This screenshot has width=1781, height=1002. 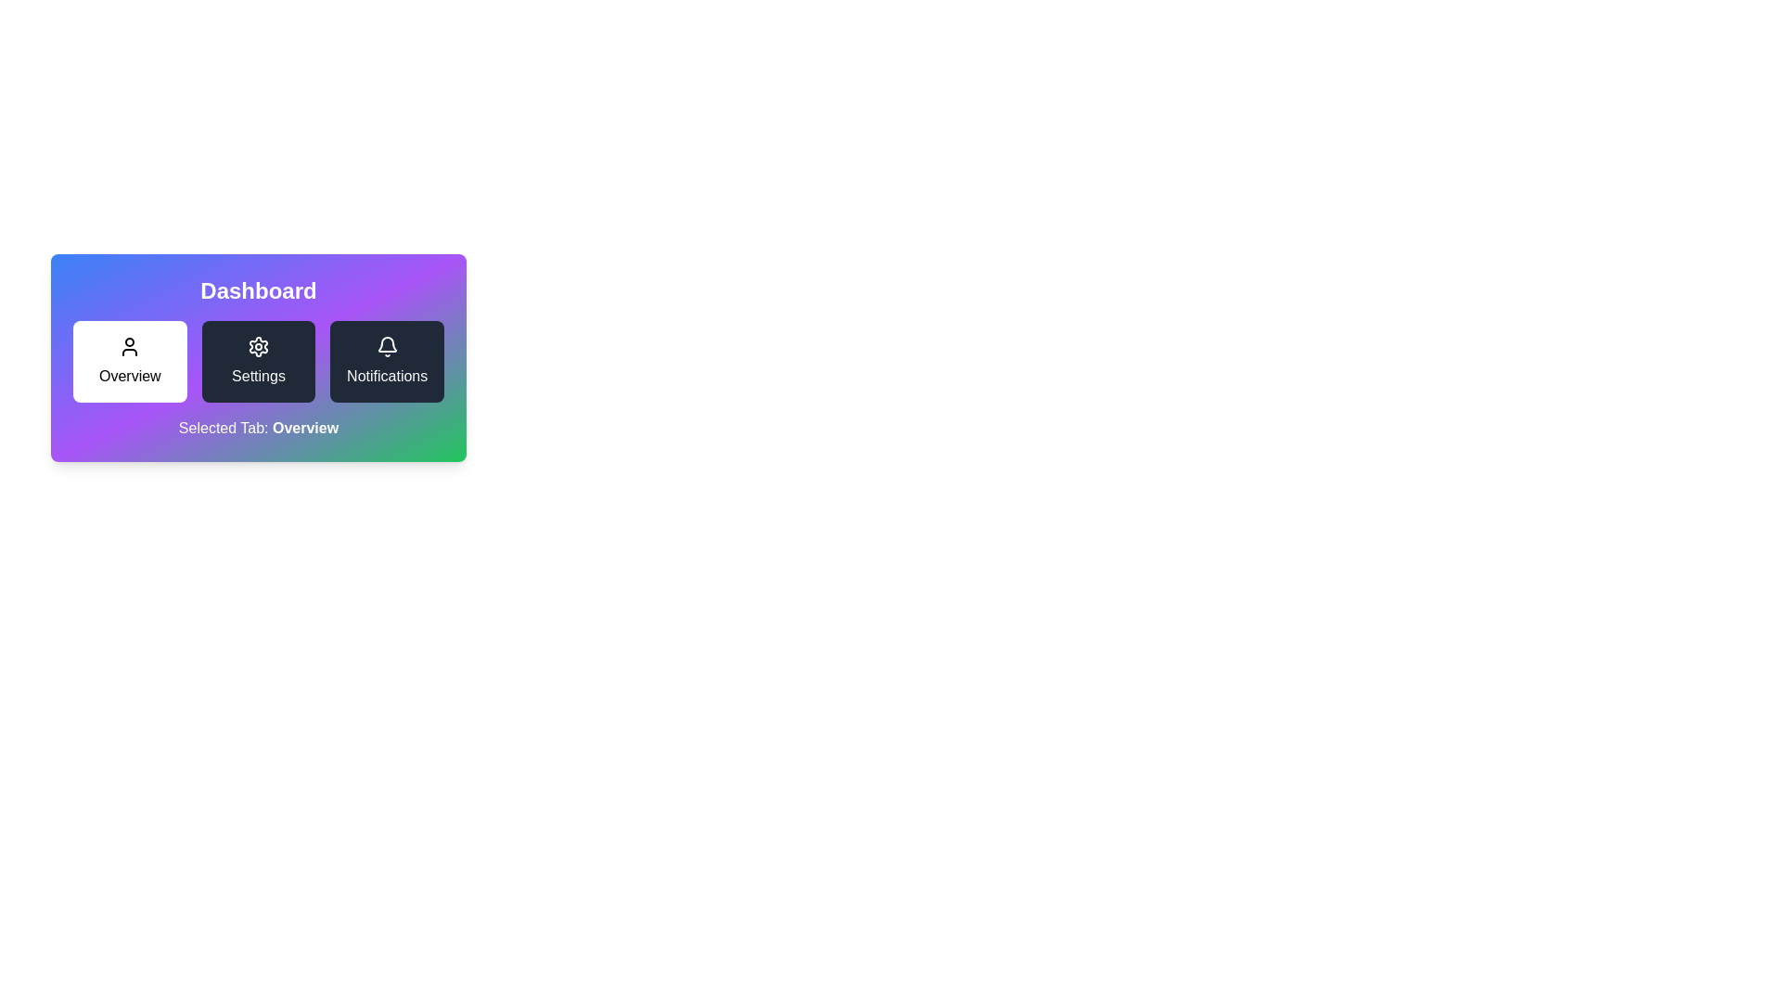 What do you see at coordinates (257, 357) in the screenshot?
I see `the dashboard navigation bar option` at bounding box center [257, 357].